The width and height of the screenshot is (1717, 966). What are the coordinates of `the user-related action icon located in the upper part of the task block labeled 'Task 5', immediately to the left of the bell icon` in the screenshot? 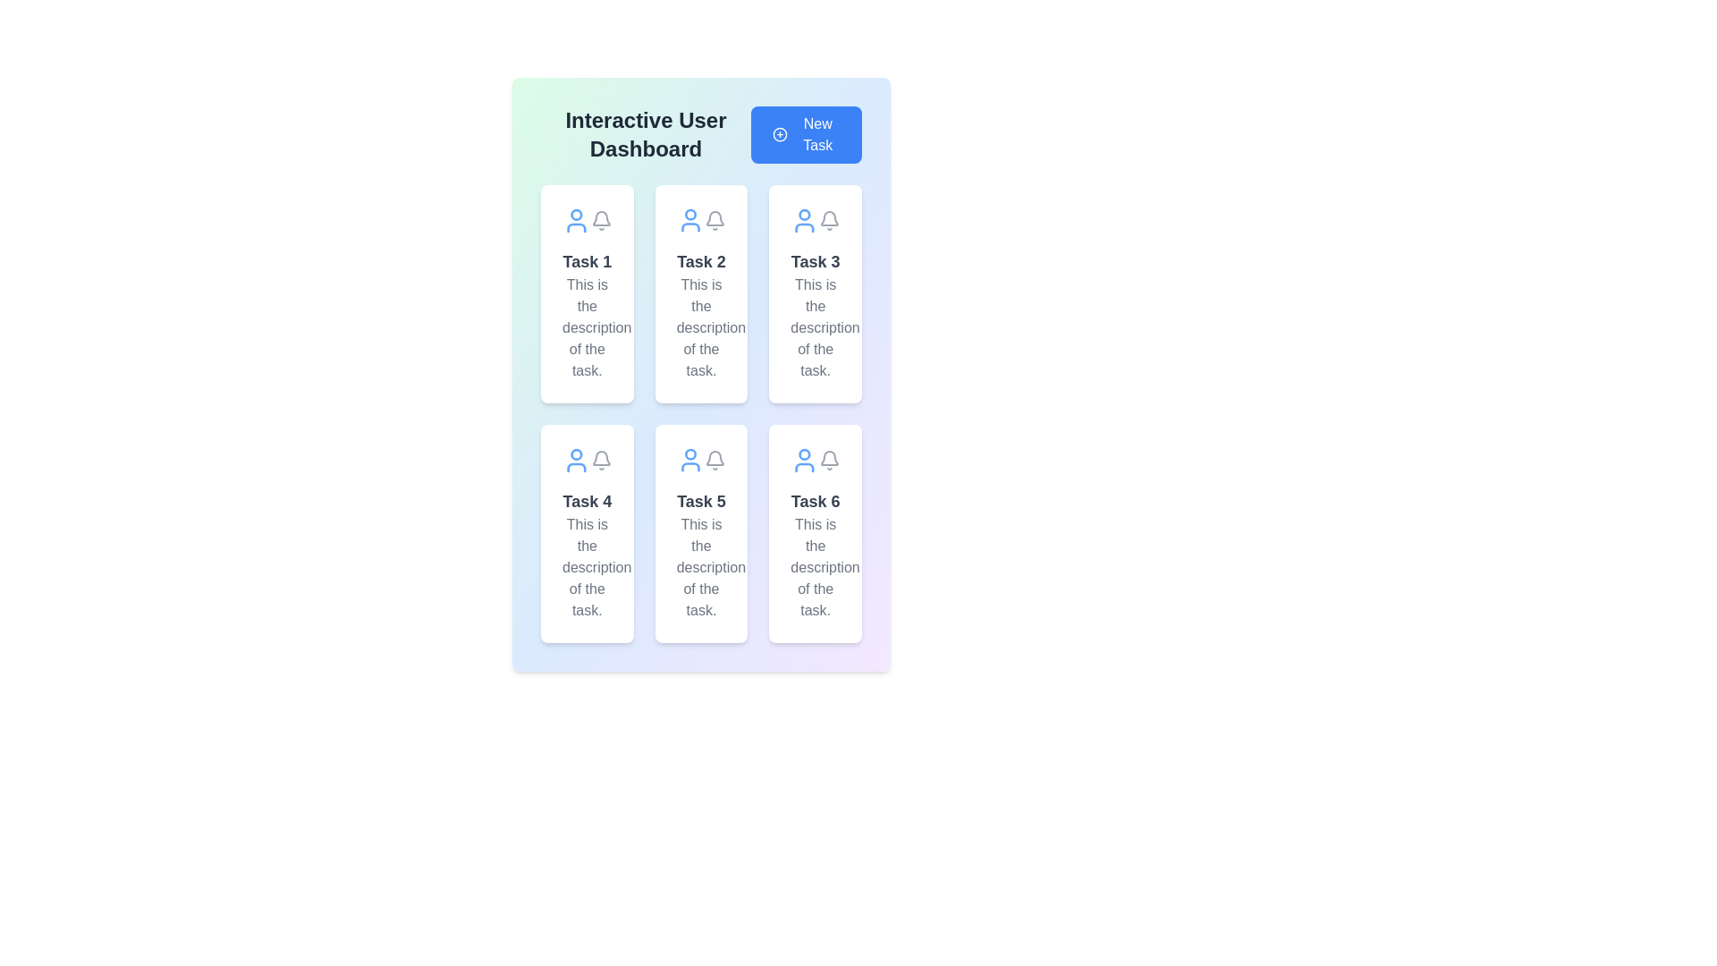 It's located at (689, 460).